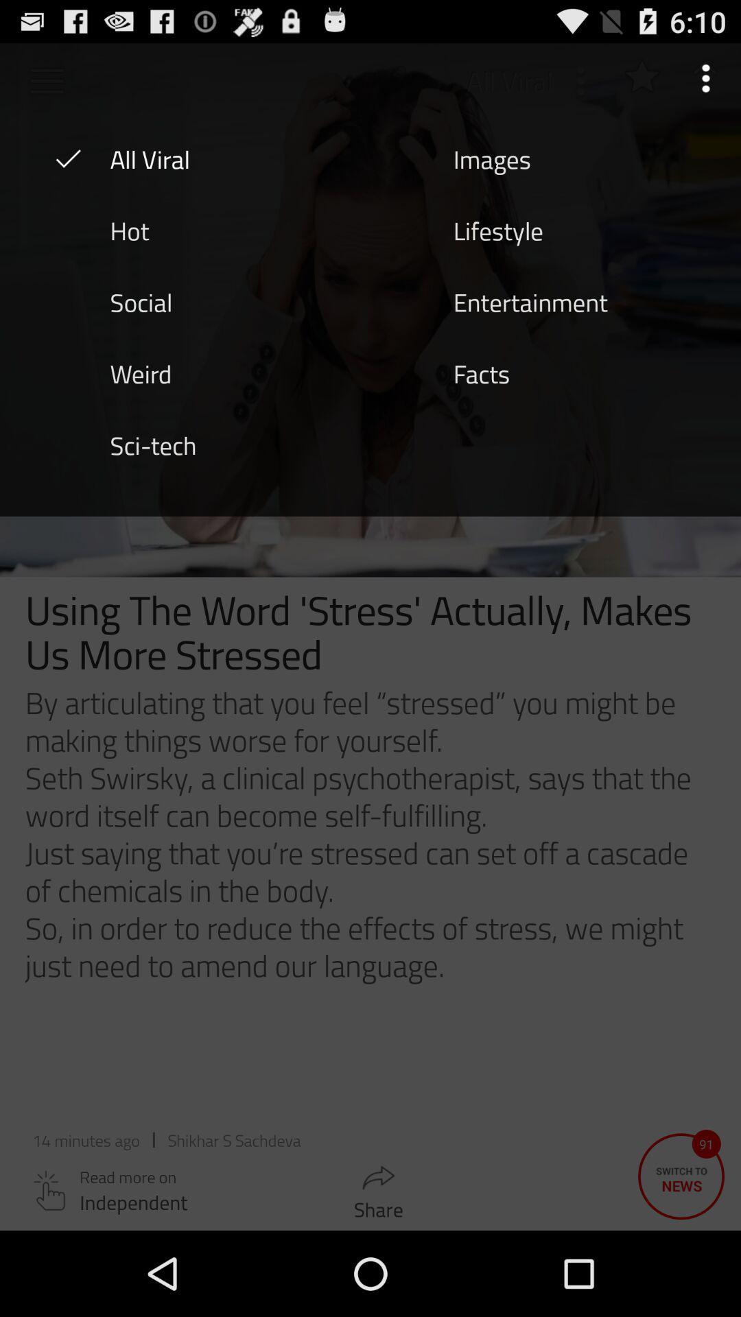 This screenshot has height=1317, width=741. Describe the element at coordinates (498, 230) in the screenshot. I see `item below images item` at that location.